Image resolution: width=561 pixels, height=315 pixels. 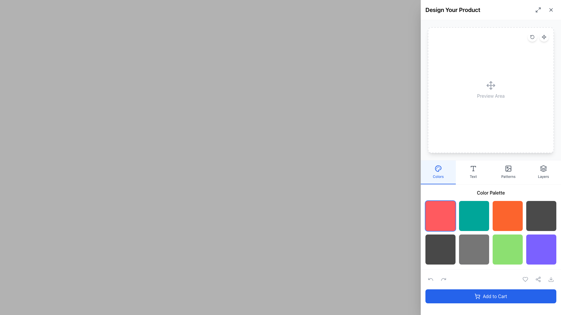 I want to click on the 'color palette' icon located in the left-side vertical toolbar next to the 'Colors' tab indicator, so click(x=438, y=169).